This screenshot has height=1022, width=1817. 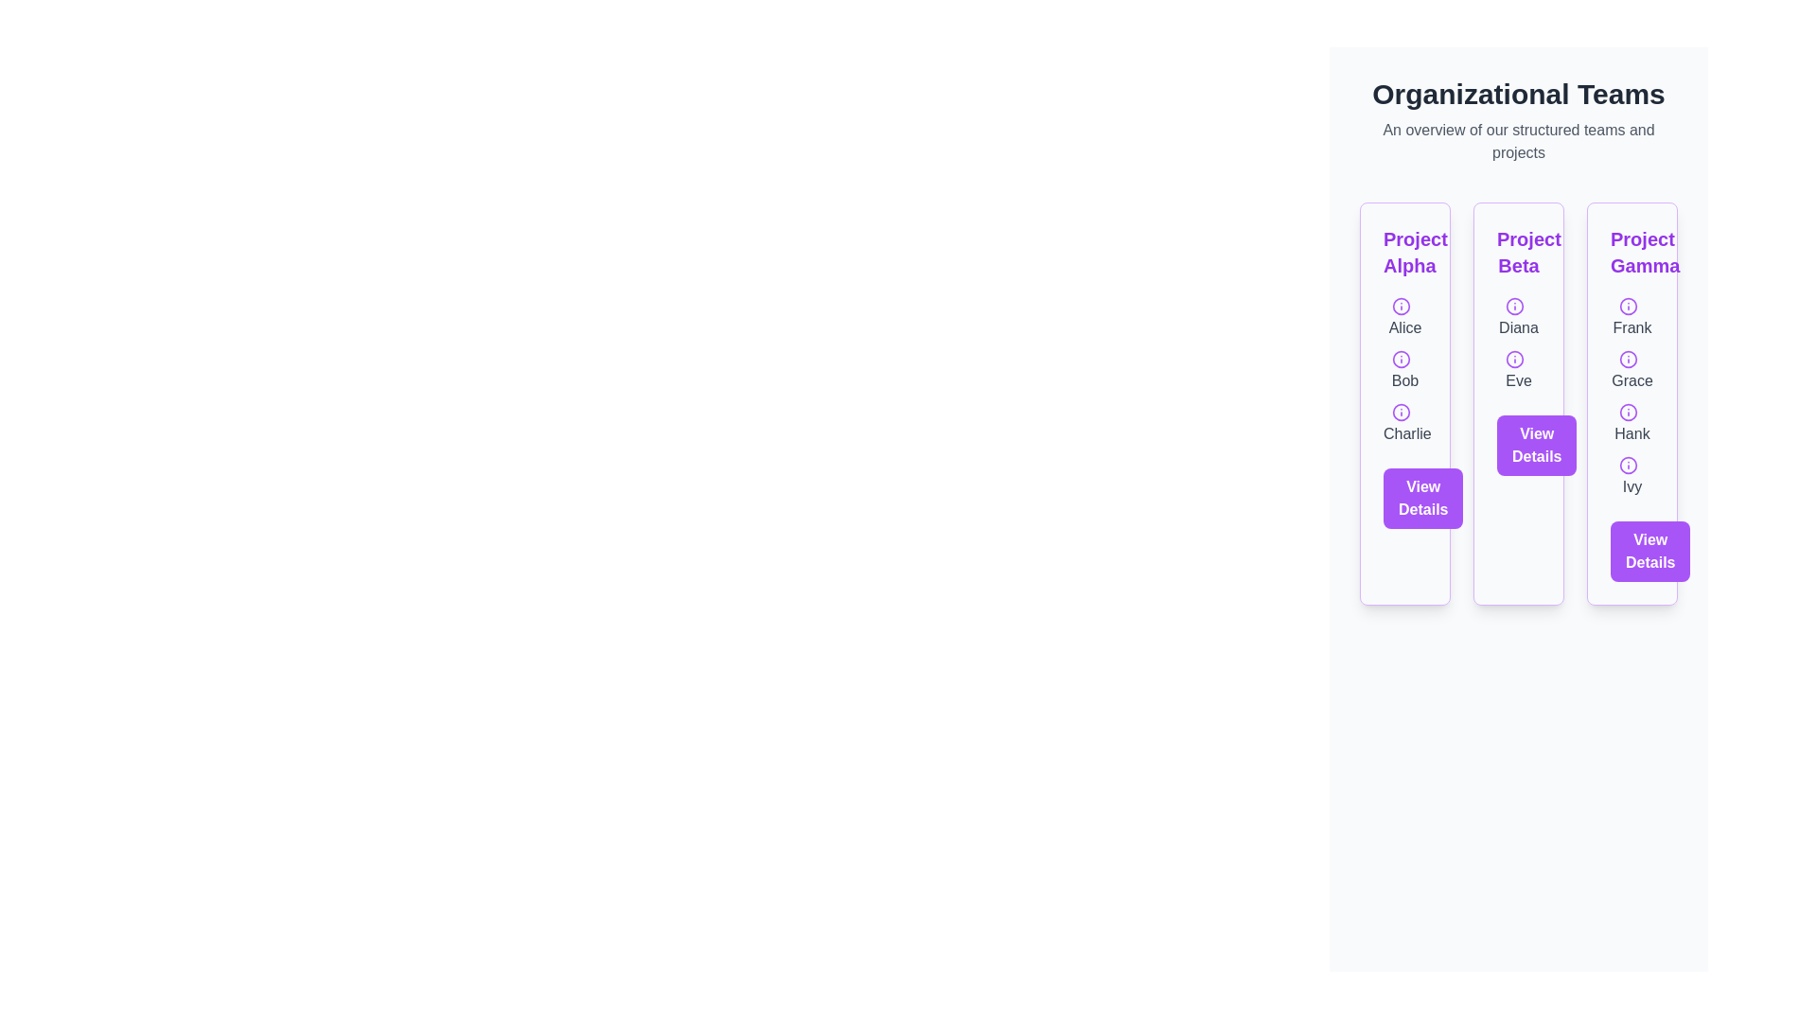 What do you see at coordinates (1515, 305) in the screenshot?
I see `the Information icon (circle with an 'i') in the second column titled 'Project Beta'` at bounding box center [1515, 305].